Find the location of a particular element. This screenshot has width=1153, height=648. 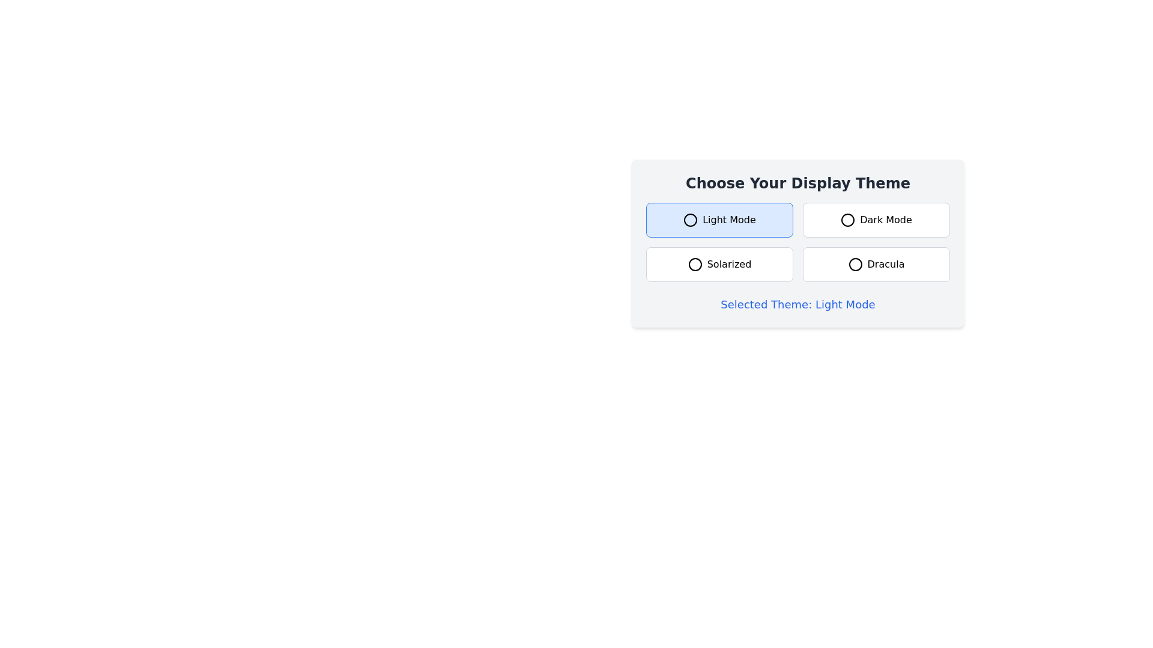

the visual indicator icon representing the theme selection option contained within the 'Solarized' button, located to the left of the text label is located at coordinates (695, 263).